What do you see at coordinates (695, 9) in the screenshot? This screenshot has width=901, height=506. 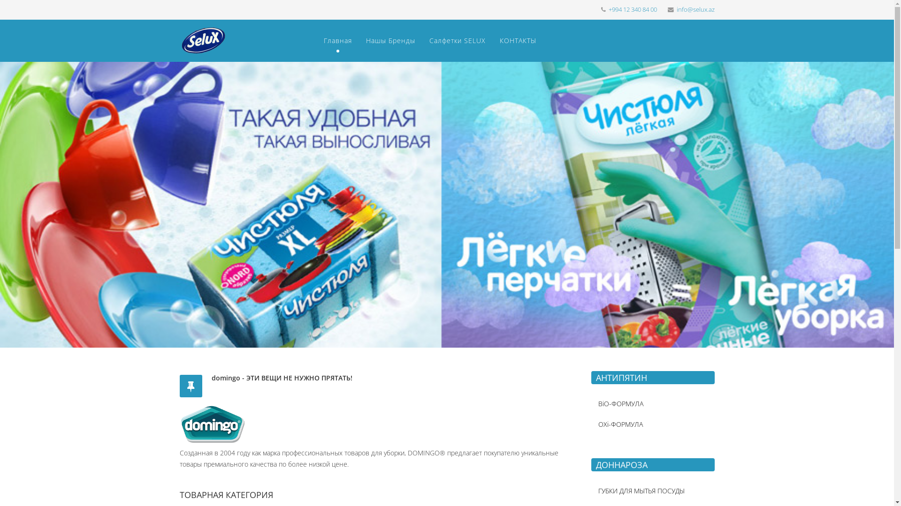 I see `'info@selux.az'` at bounding box center [695, 9].